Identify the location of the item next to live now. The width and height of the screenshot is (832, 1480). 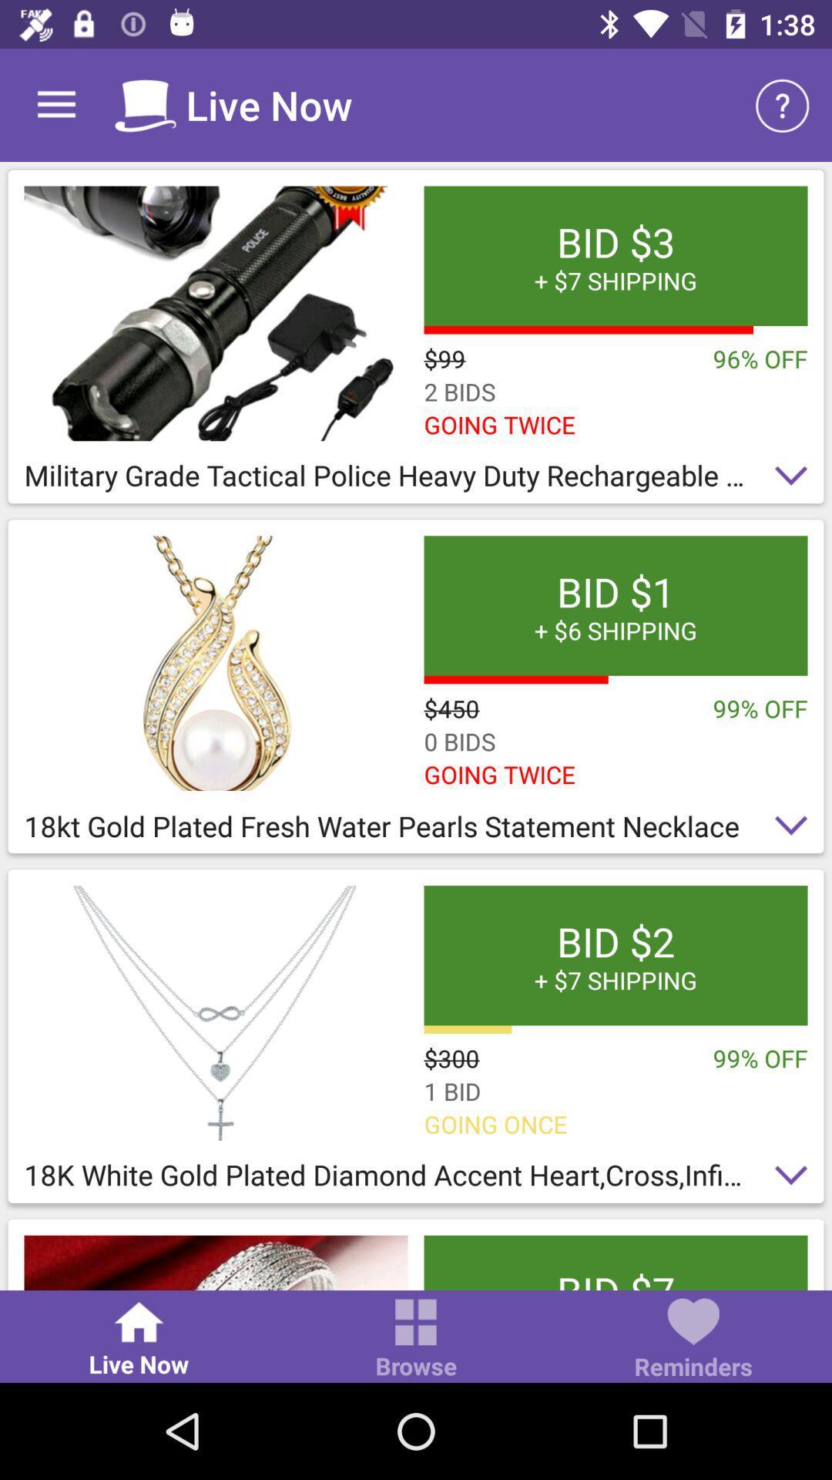
(416, 1339).